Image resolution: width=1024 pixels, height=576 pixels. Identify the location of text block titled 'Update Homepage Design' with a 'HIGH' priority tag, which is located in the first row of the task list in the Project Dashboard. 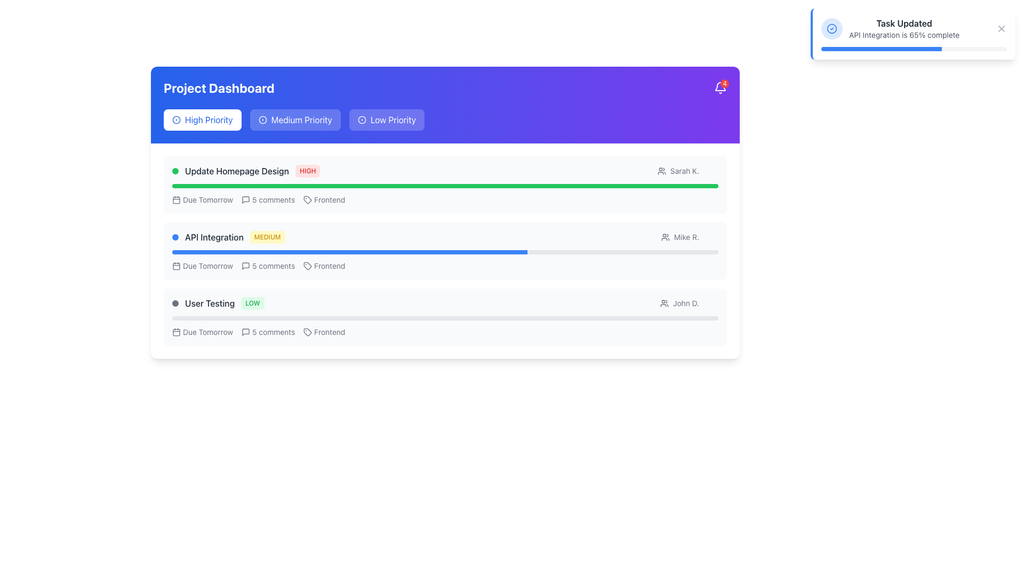
(245, 170).